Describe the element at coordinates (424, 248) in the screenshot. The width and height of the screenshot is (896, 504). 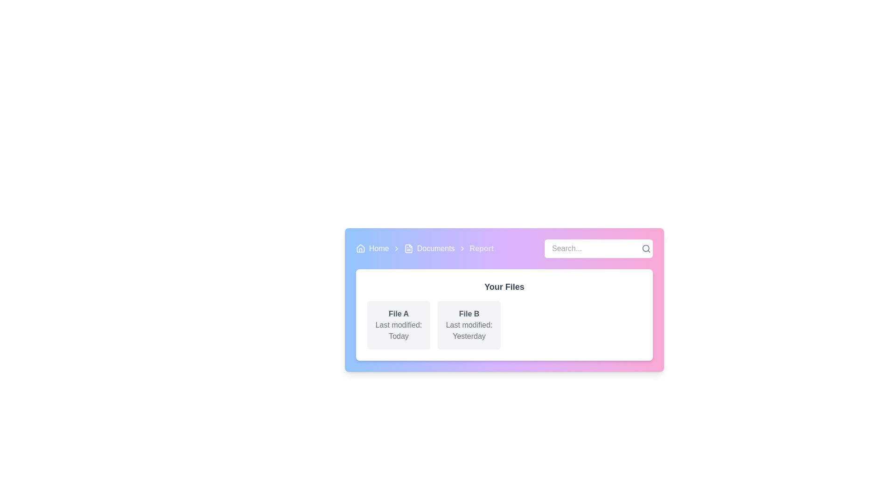
I see `the Breadcrumb item labeled 'Documents' in the breadcrumb navigation bar, which is styled with white text and located at the center of the bar` at that location.